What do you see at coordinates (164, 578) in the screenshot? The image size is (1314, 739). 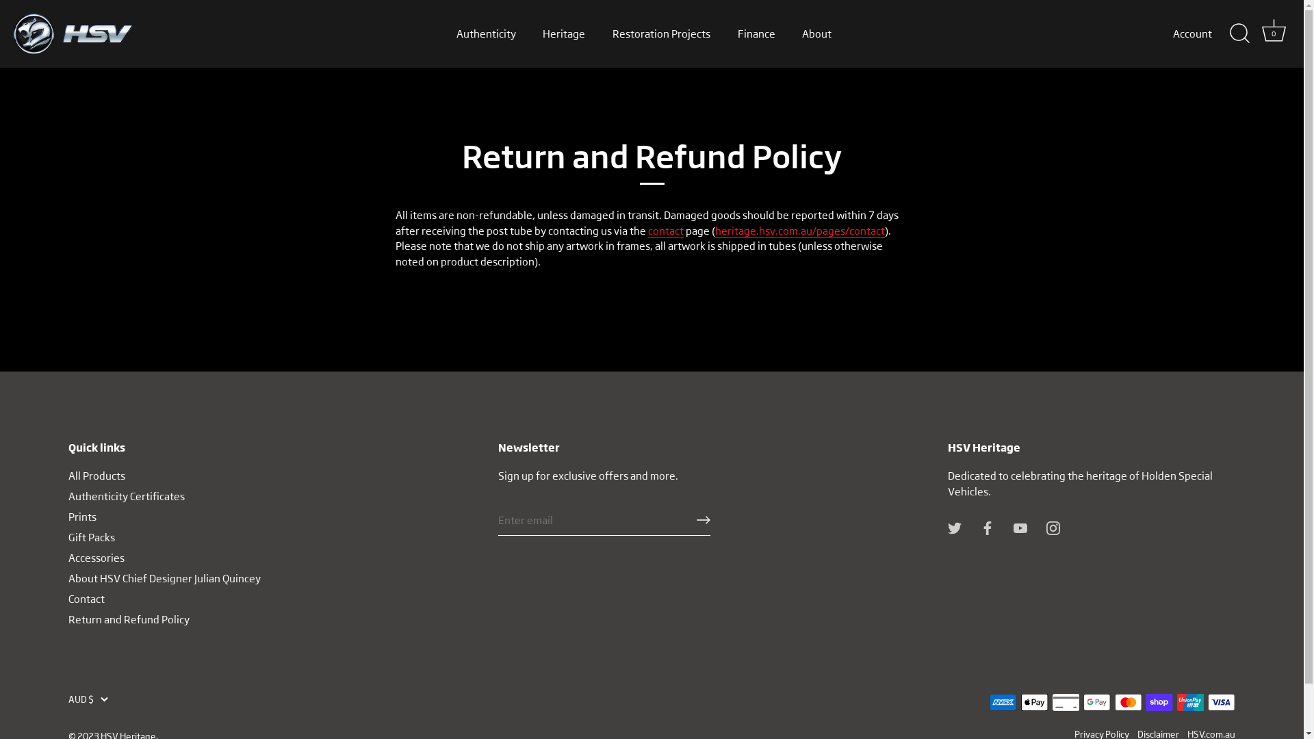 I see `'About HSV Chief Designer Julian Quincey'` at bounding box center [164, 578].